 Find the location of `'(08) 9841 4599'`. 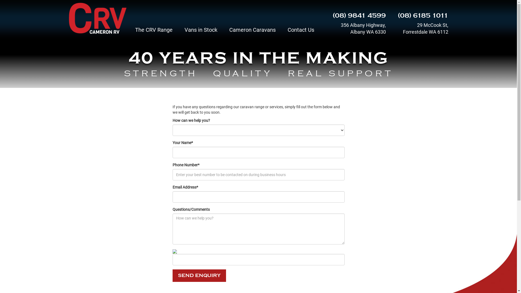

'(08) 9841 4599' is located at coordinates (359, 15).